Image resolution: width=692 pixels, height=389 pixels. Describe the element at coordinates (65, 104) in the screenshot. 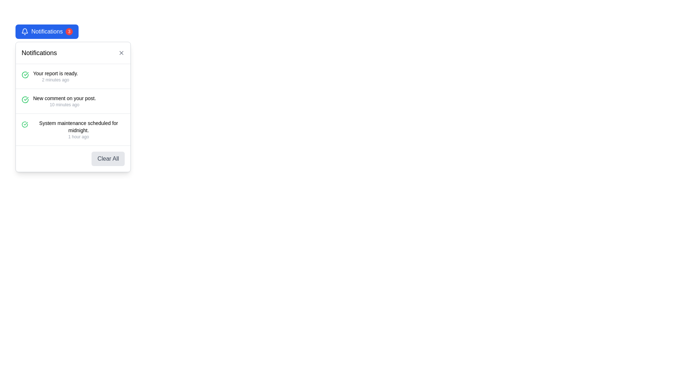

I see `timestamp displayed in the small grey text label that reads '10 minutes ago', located below the bold message 'New comment on your post.' in the notification box` at that location.